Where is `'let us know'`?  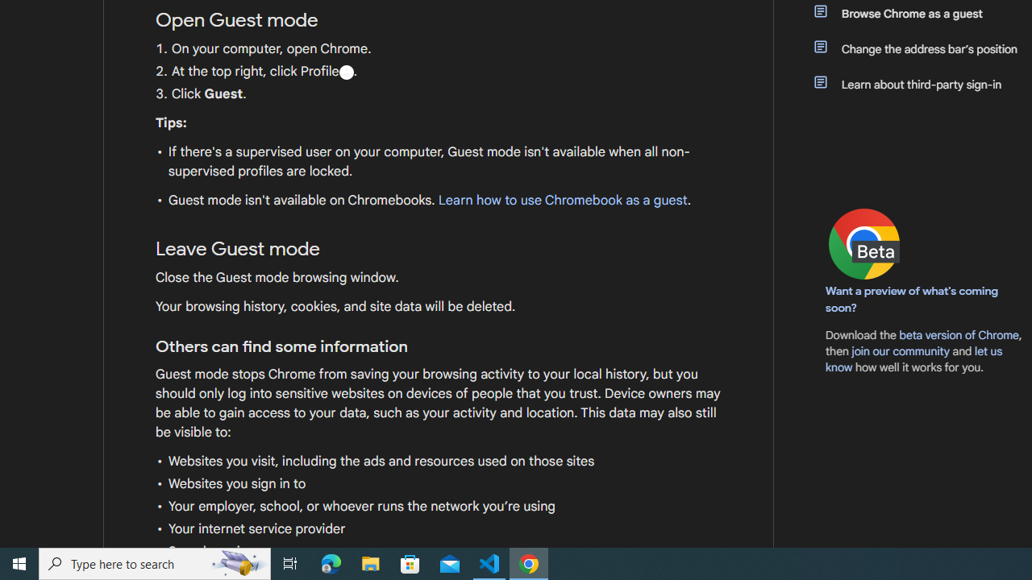 'let us know' is located at coordinates (914, 358).